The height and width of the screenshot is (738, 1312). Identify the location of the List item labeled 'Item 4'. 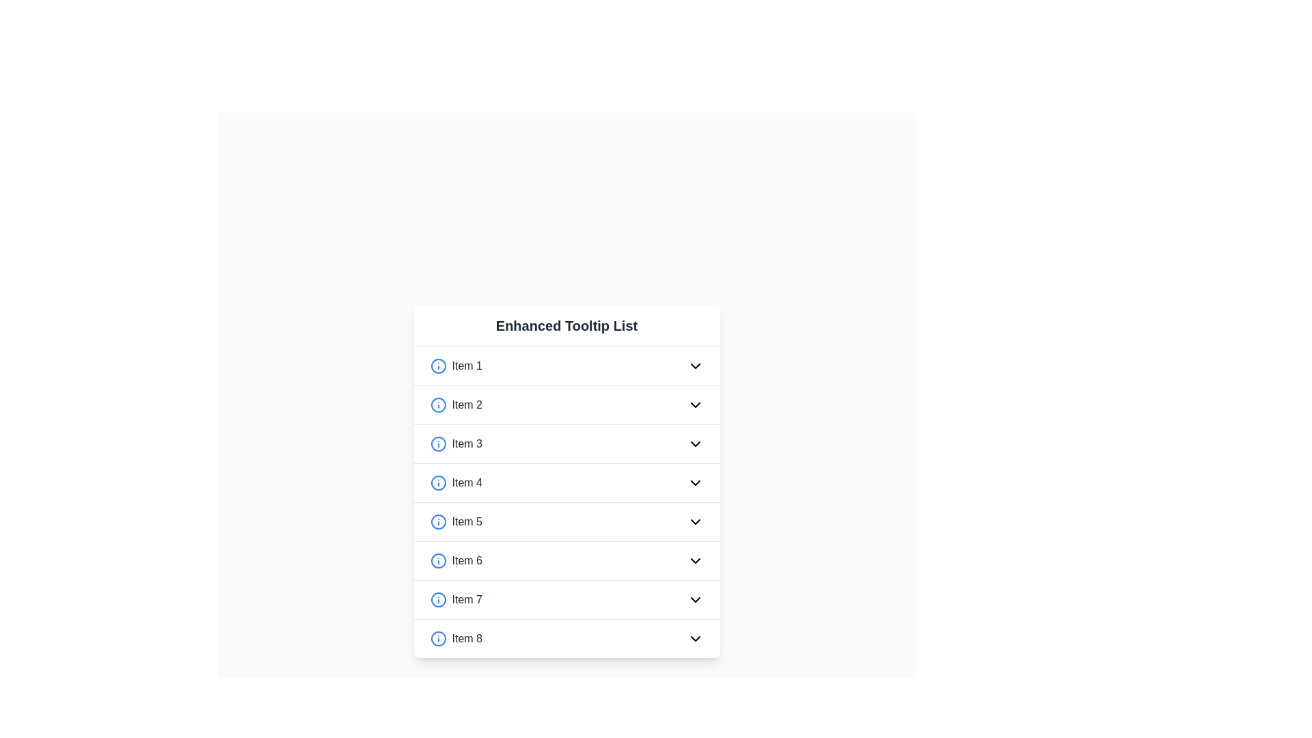
(566, 482).